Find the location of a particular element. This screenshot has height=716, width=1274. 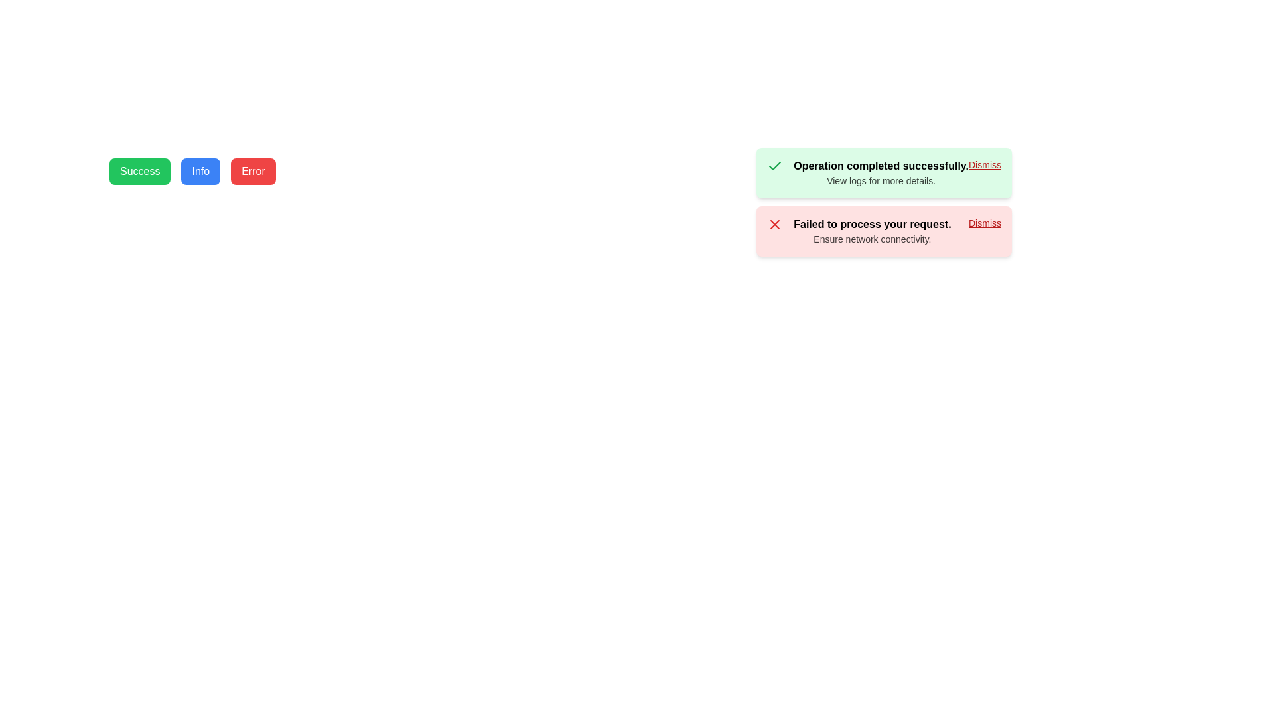

the success confirmation icon located at the top-left corner of the success message box, which is next to the text 'Operation completed successfully.' is located at coordinates (775, 165).